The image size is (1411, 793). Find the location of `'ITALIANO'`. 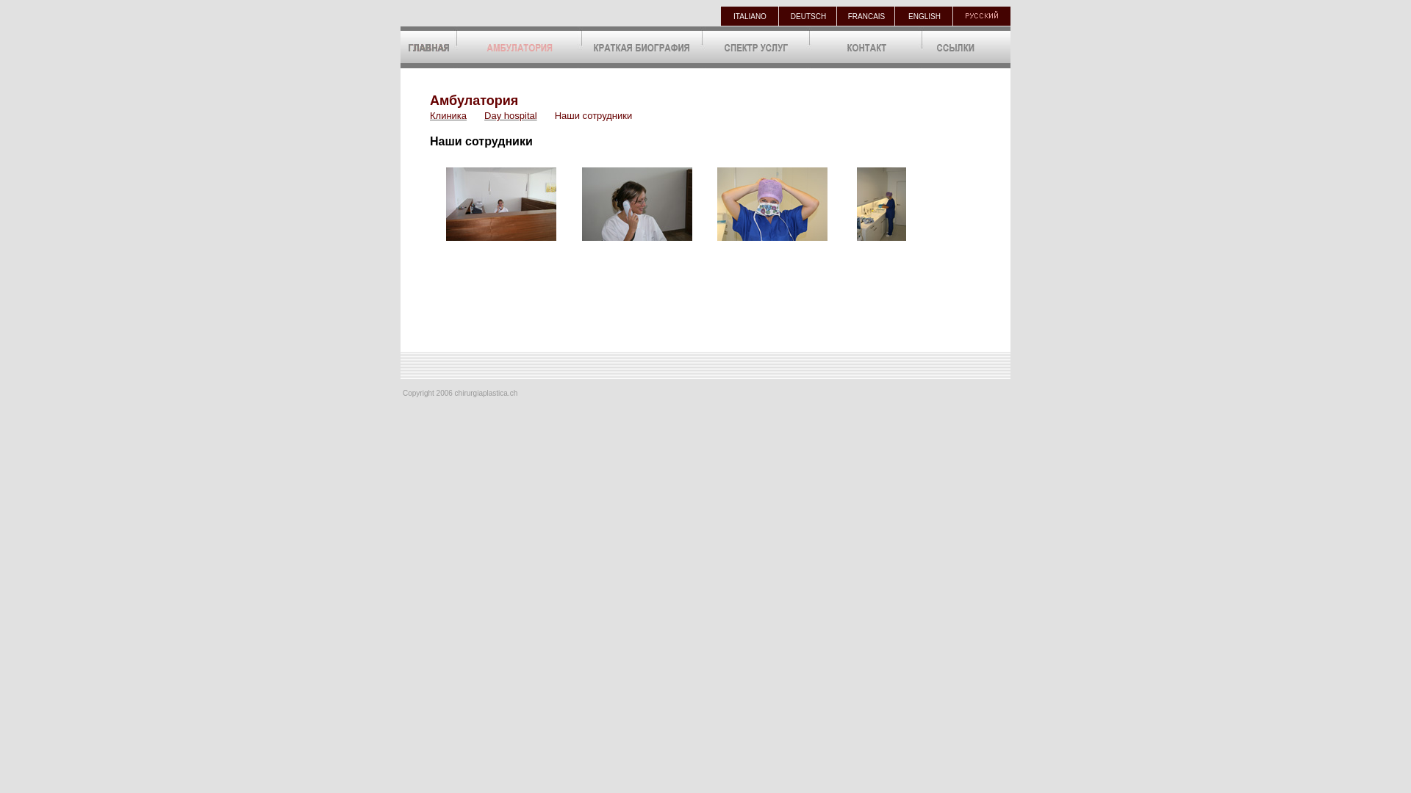

'ITALIANO' is located at coordinates (750, 15).